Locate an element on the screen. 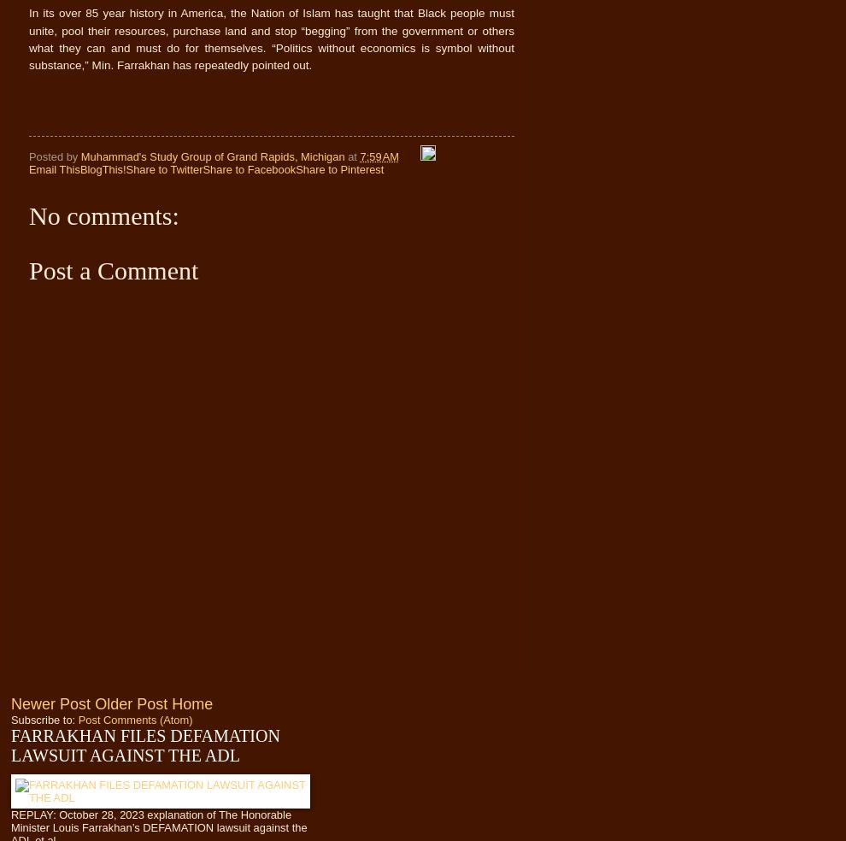 This screenshot has height=841, width=846. 'Share to Pinterest' is located at coordinates (295, 169).